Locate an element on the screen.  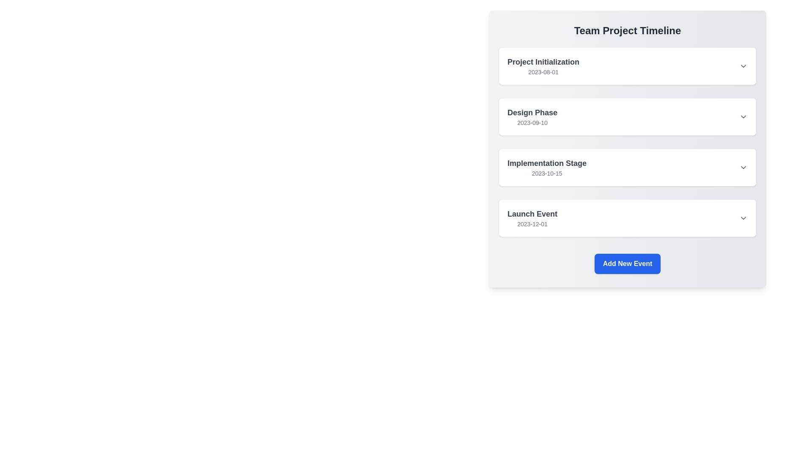
the 'Launch Event' list item, which is the fourth entry in the timeline is located at coordinates (627, 217).